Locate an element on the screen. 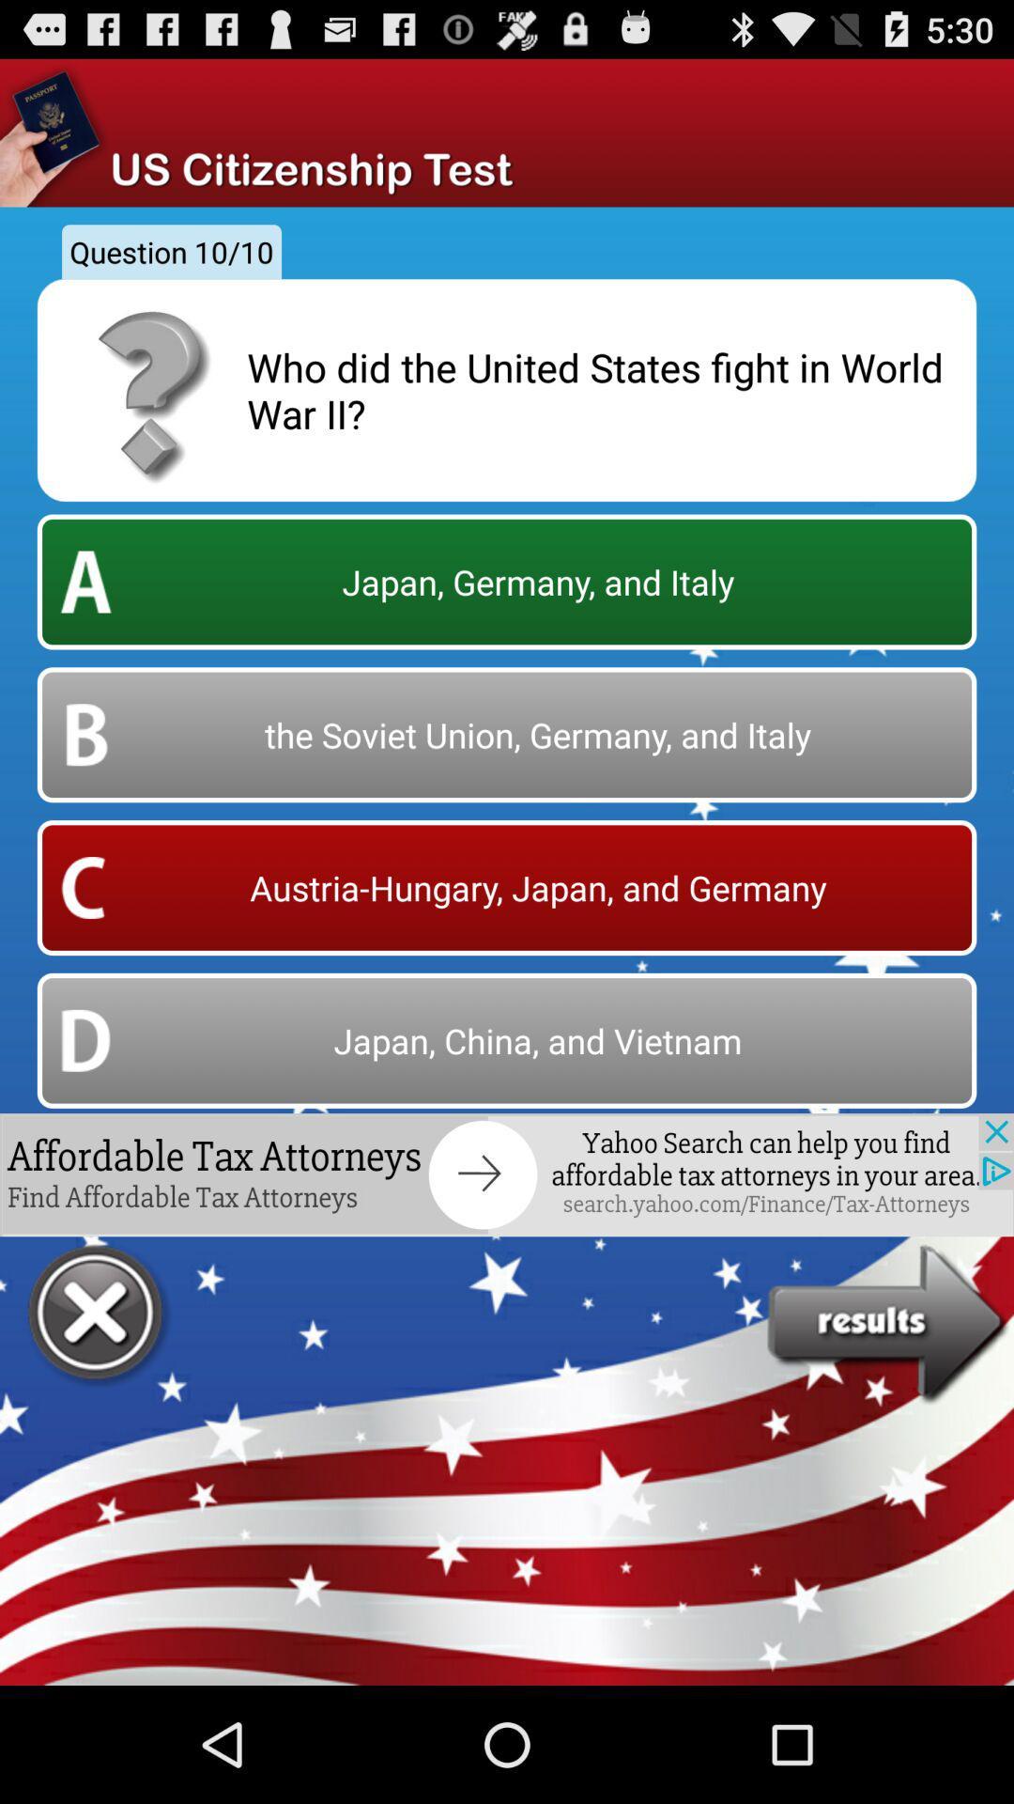 This screenshot has height=1804, width=1014. button is located at coordinates (98, 1314).